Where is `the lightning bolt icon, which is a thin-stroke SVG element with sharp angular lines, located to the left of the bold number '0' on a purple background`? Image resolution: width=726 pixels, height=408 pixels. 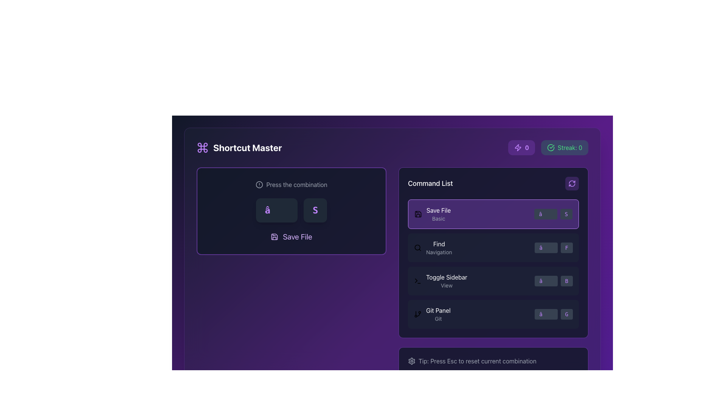 the lightning bolt icon, which is a thin-stroke SVG element with sharp angular lines, located to the left of the bold number '0' on a purple background is located at coordinates (518, 147).